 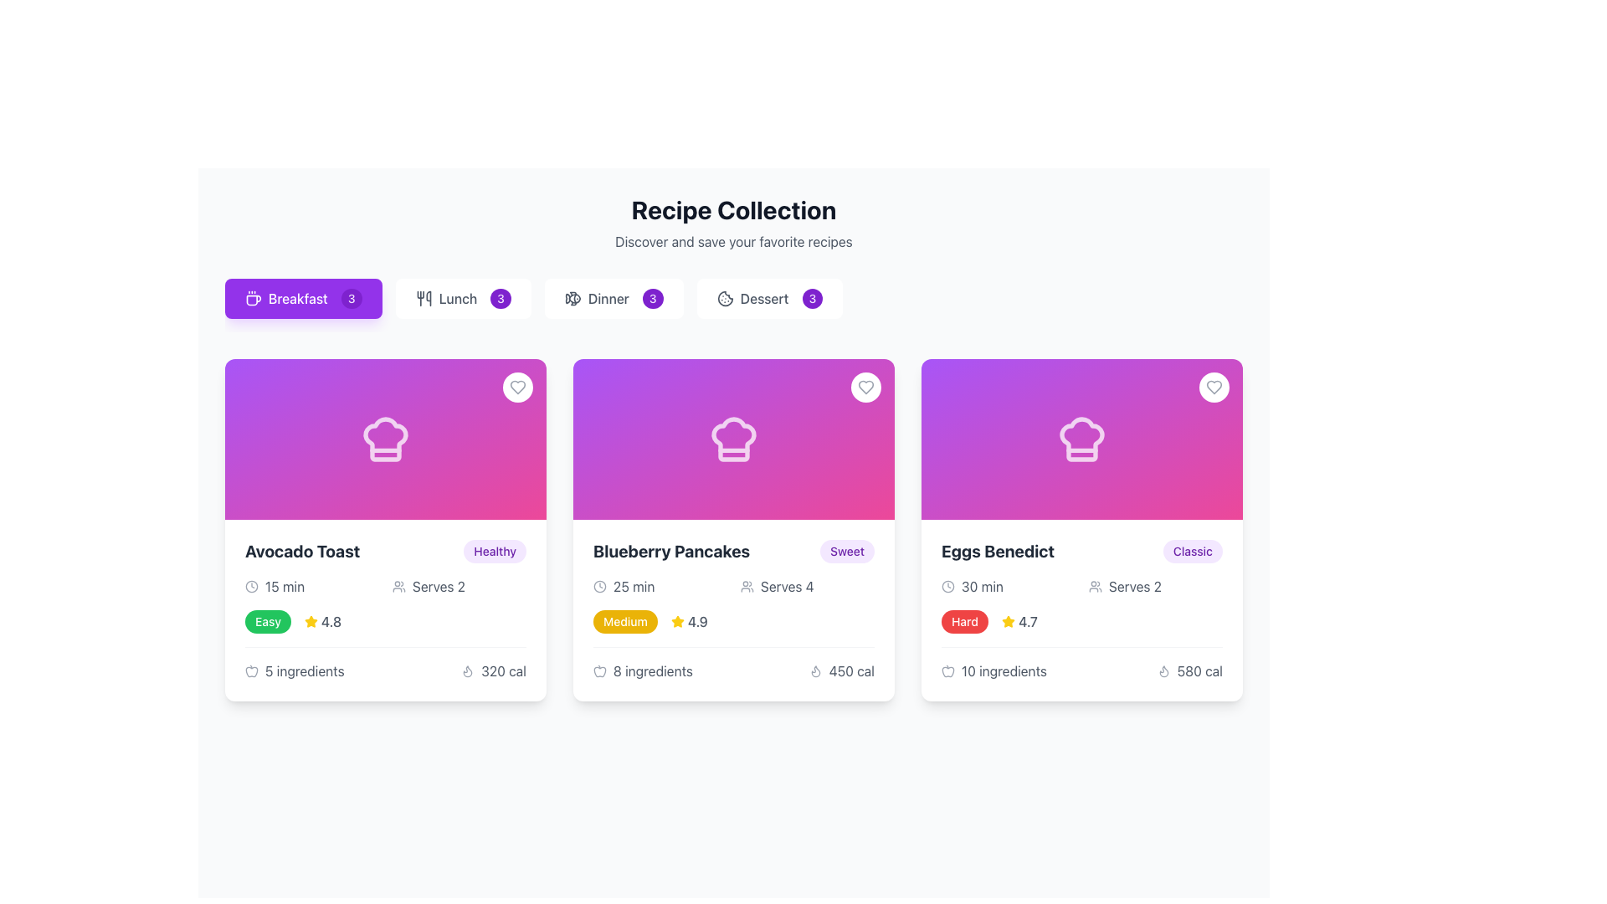 I want to click on the Count indicator badge that displays the count for the category 'Dinner', which is the third badge in a vertical layout and aligned with the text 'Dinner', so click(x=652, y=298).